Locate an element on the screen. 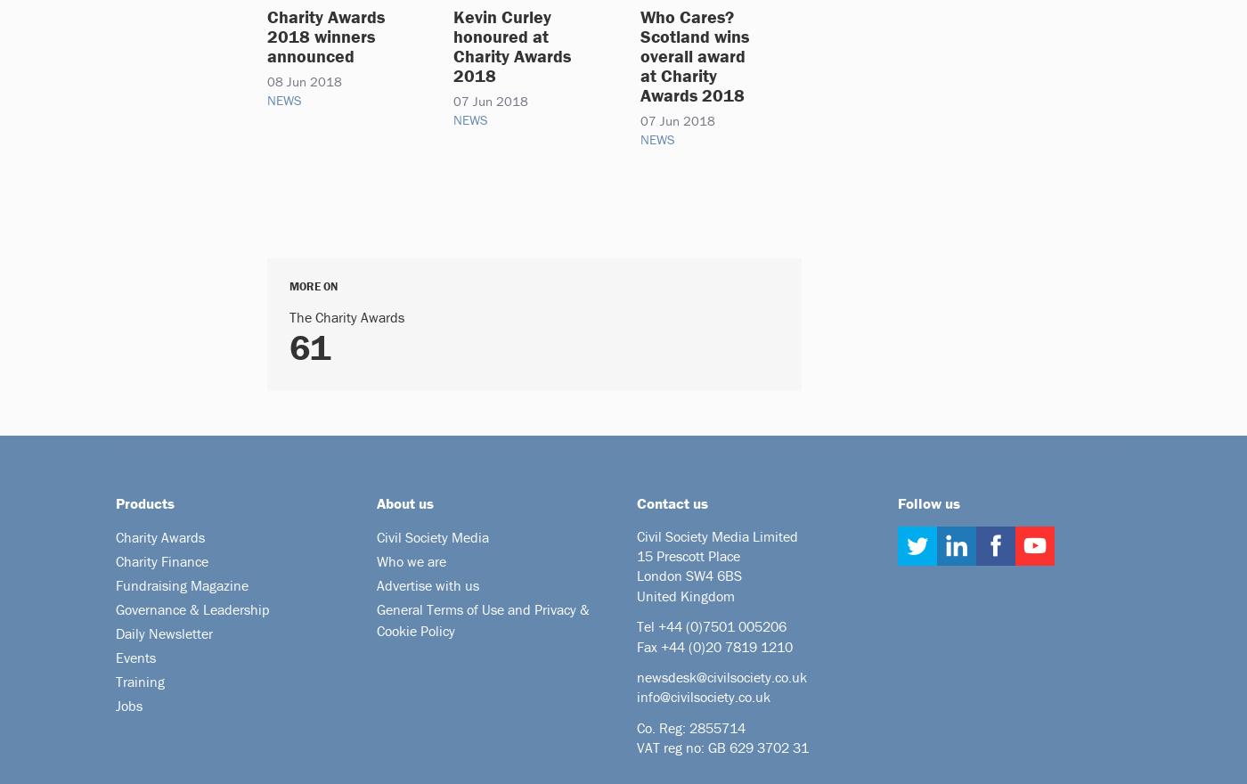  'Tel +44' is located at coordinates (636, 626).